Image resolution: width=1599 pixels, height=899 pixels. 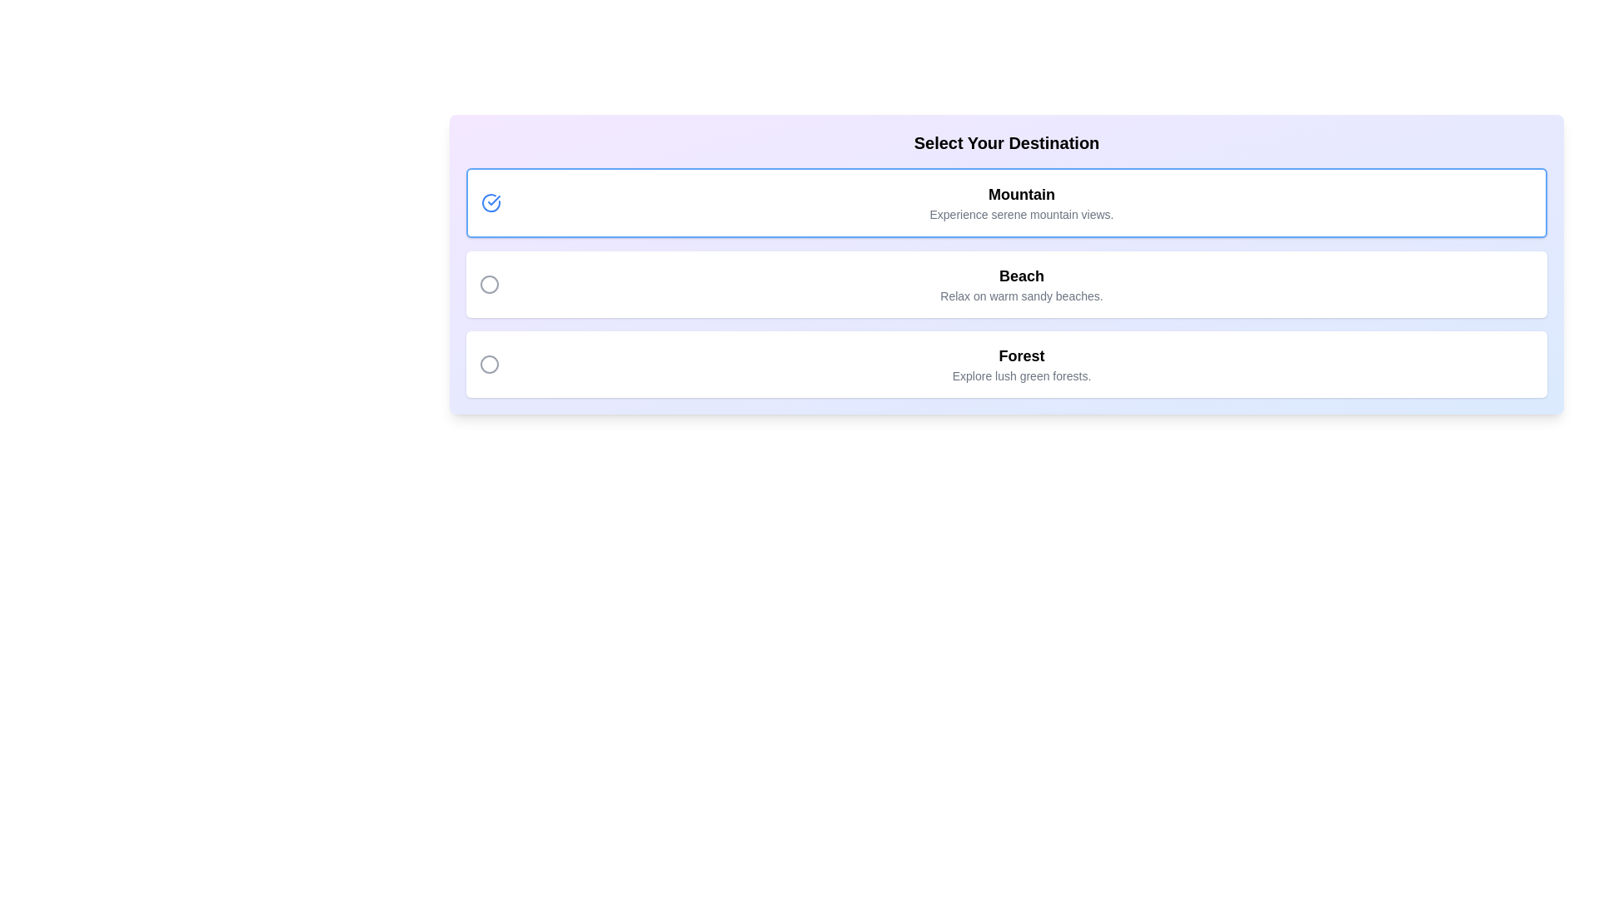 What do you see at coordinates (1021, 275) in the screenshot?
I see `the text element that serves as the label for the selectable list item 'Beach'` at bounding box center [1021, 275].